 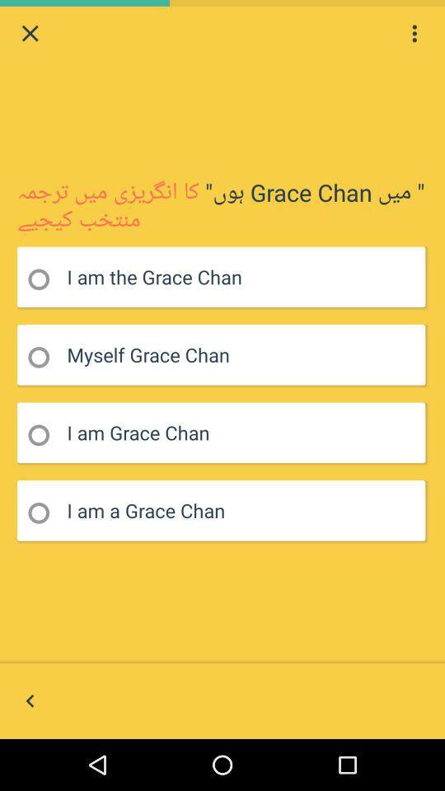 I want to click on the close icon, so click(x=30, y=35).